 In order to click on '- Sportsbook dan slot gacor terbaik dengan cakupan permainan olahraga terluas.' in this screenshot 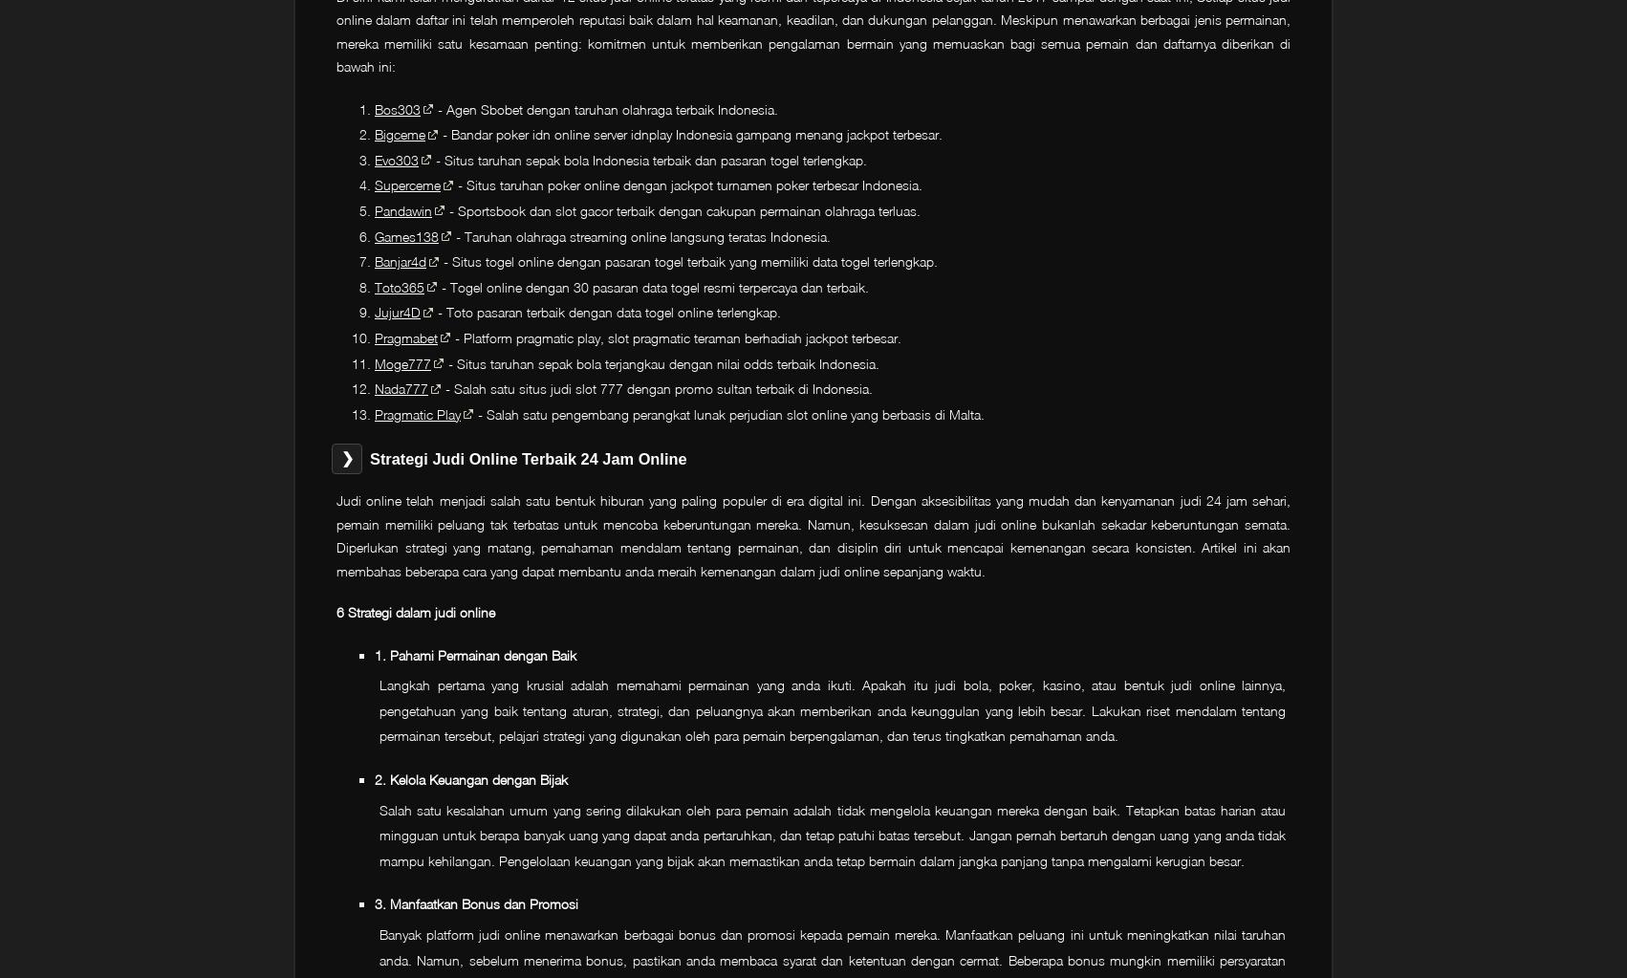, I will do `click(445, 208)`.